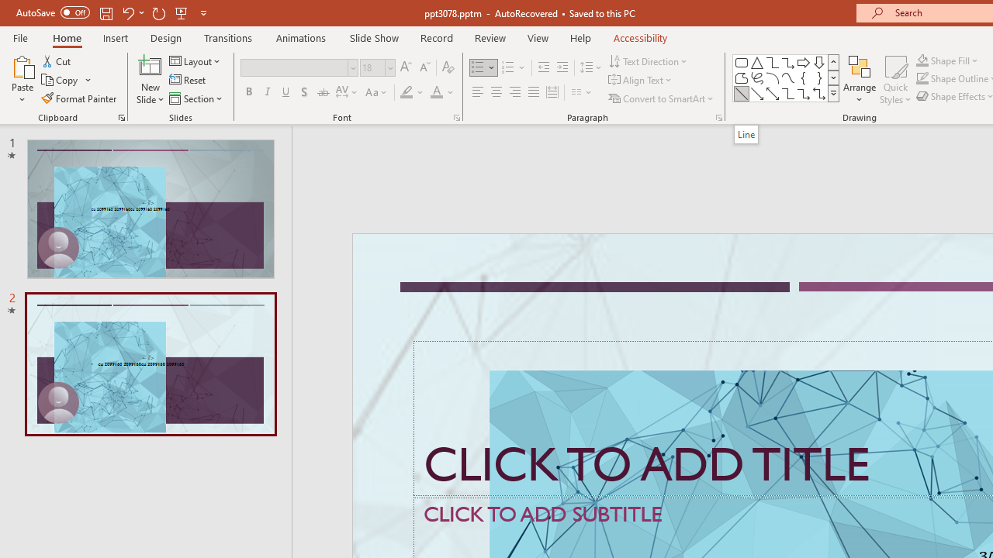  I want to click on 'Convert to SmartArt', so click(662, 98).